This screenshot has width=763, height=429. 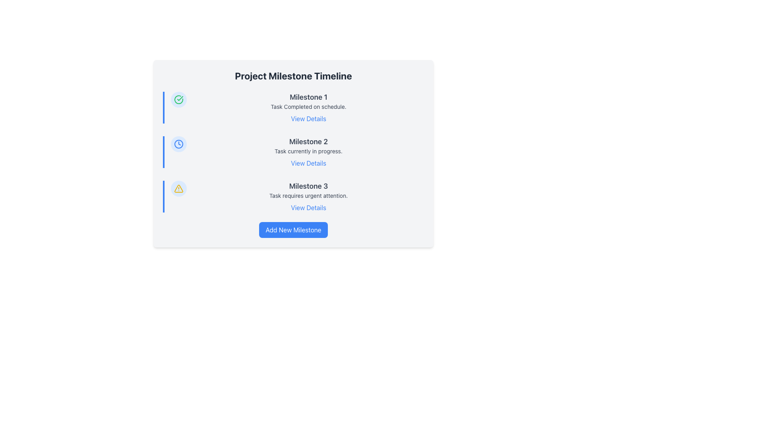 I want to click on the 'View Details' text link for 'Milestone 3', so click(x=308, y=207).